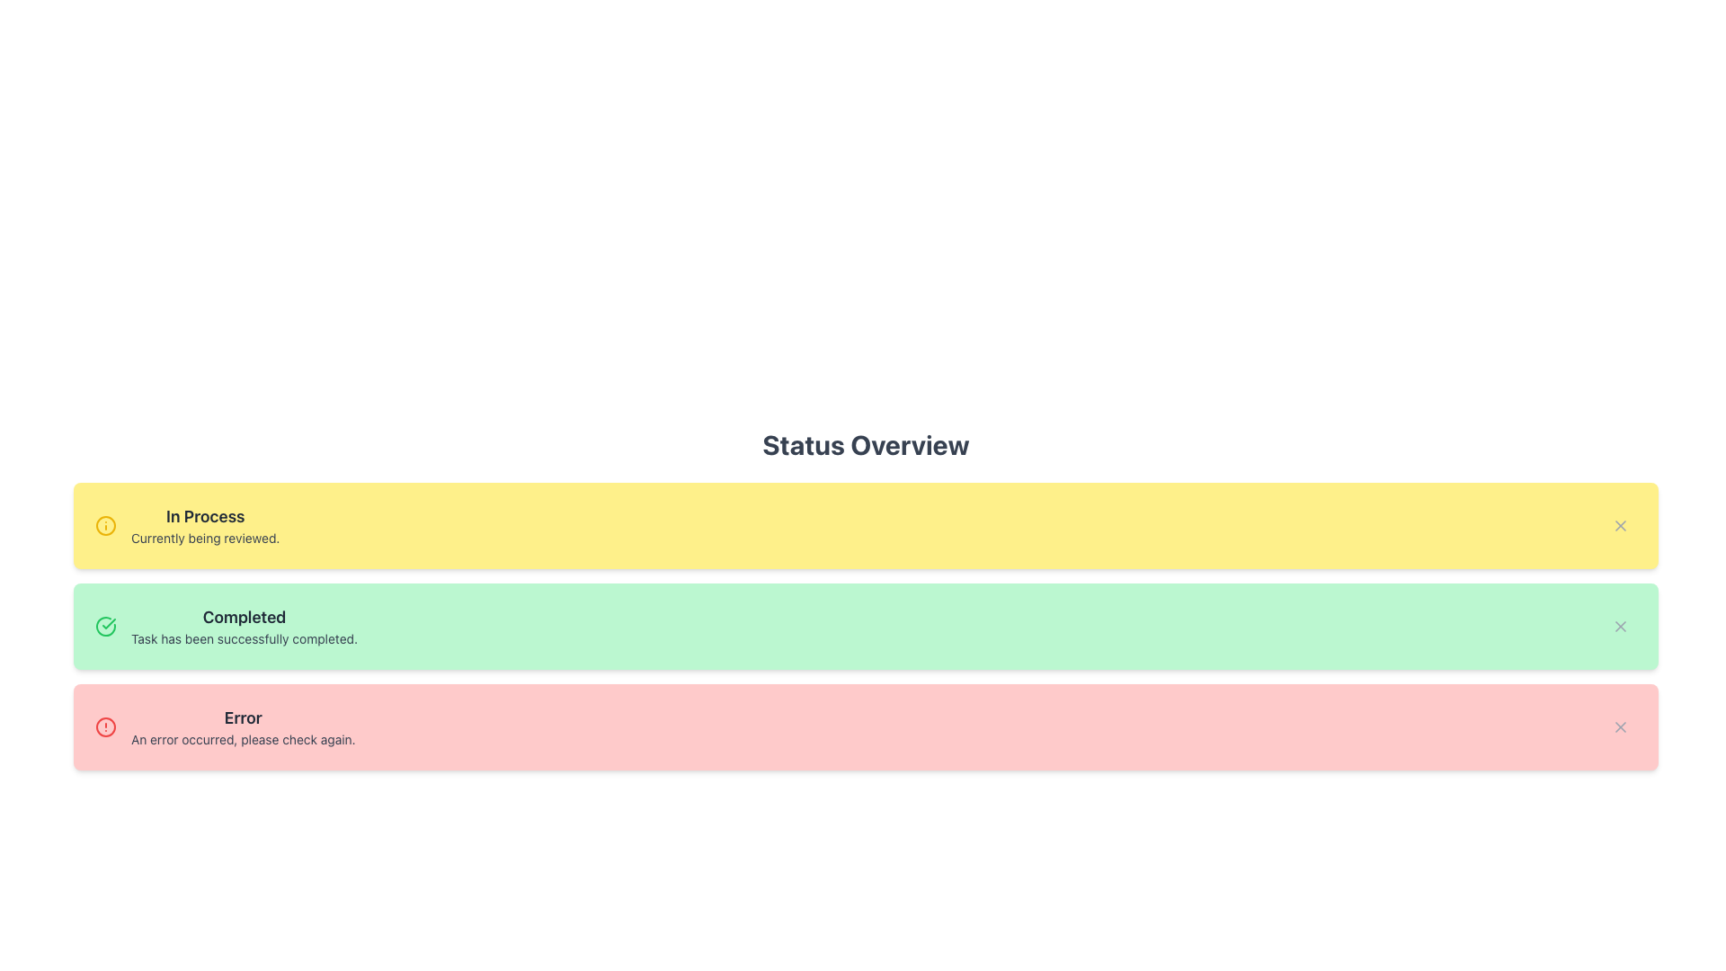 The width and height of the screenshot is (1726, 971). What do you see at coordinates (1621, 726) in the screenshot?
I see `the small, square button with an 'X' icon, located on the far-right side of the red 'Error' section` at bounding box center [1621, 726].